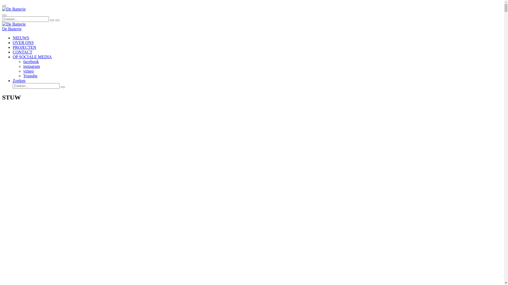 This screenshot has width=508, height=285. I want to click on 'De Batterie', so click(12, 29).